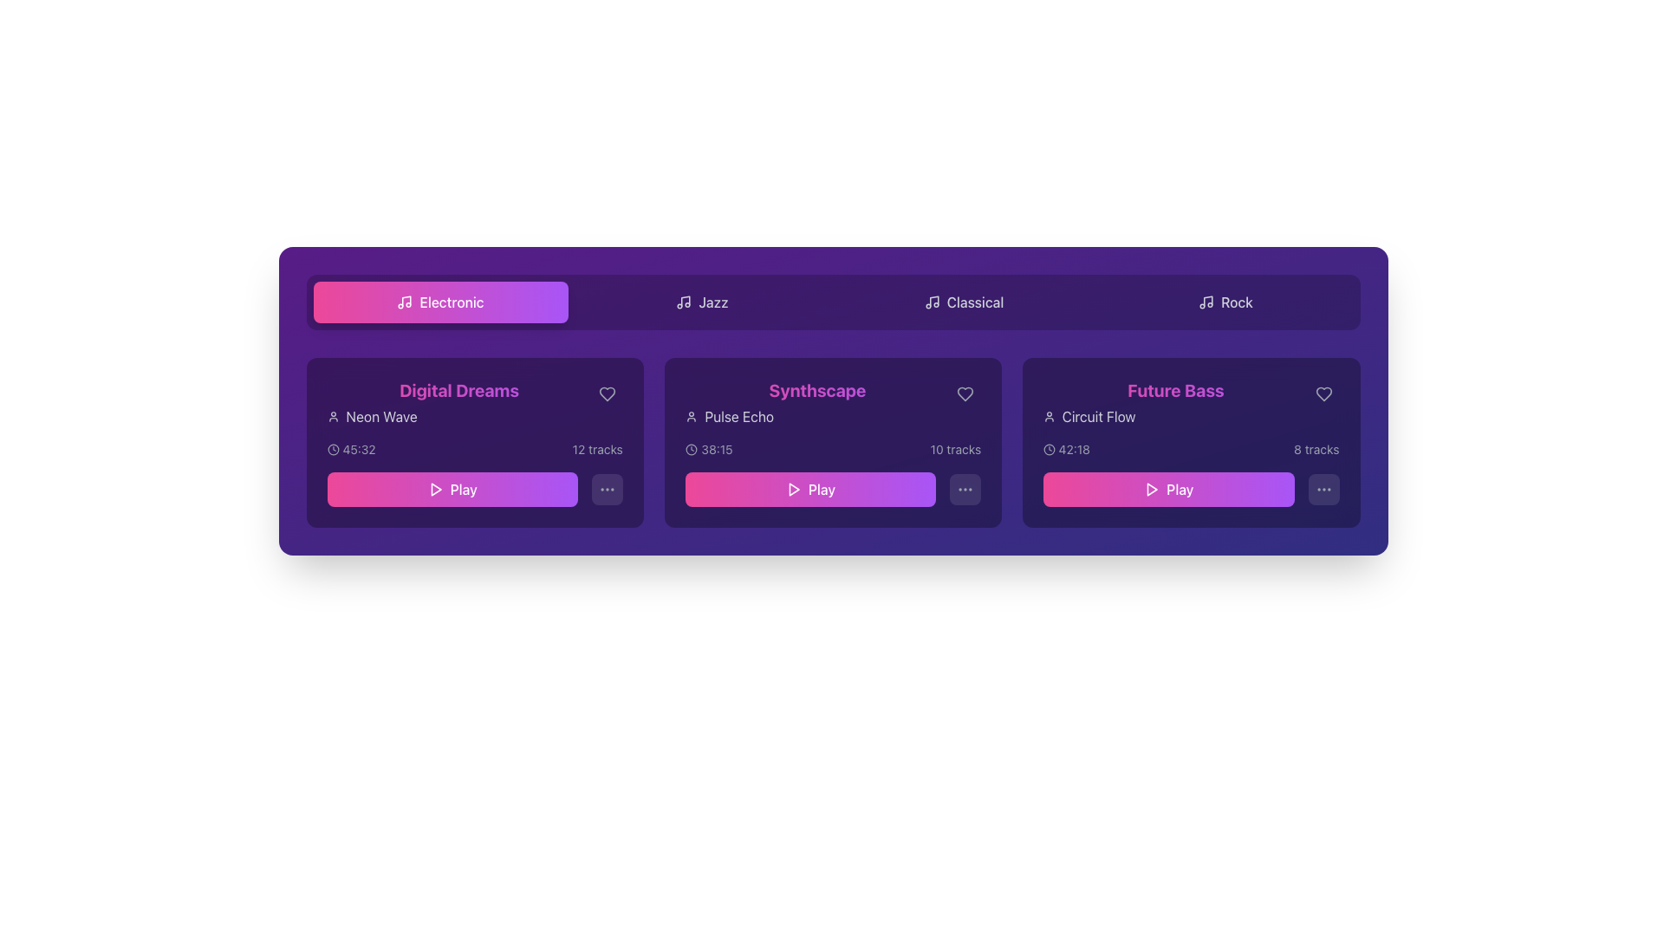  I want to click on the play button at the bottom center of the 'Synthscape' panel to play the audio content associated with it, so click(809, 489).